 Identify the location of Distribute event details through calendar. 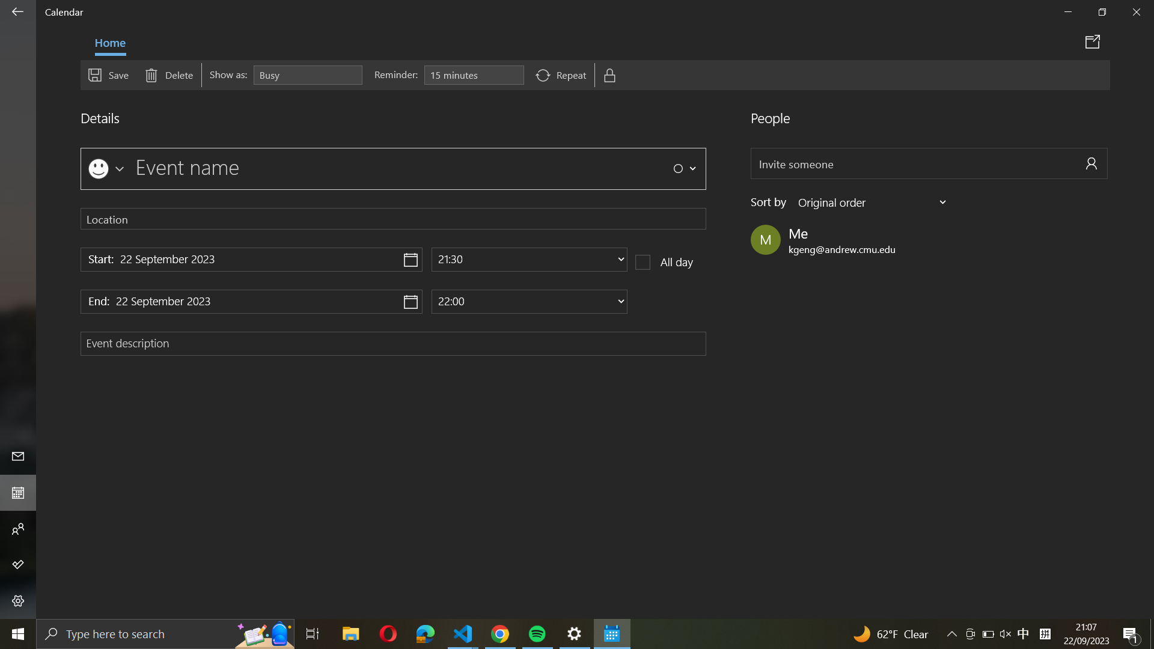
(1094, 41).